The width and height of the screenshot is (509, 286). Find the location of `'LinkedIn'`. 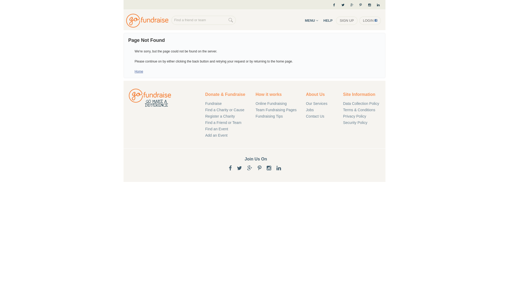

'LinkedIn' is located at coordinates (278, 168).